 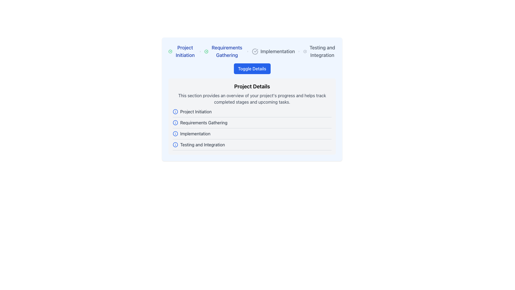 I want to click on explanatory text paragraph that provides an overview of the project's progress, located directly below the 'Project Details' heading, so click(x=252, y=99).